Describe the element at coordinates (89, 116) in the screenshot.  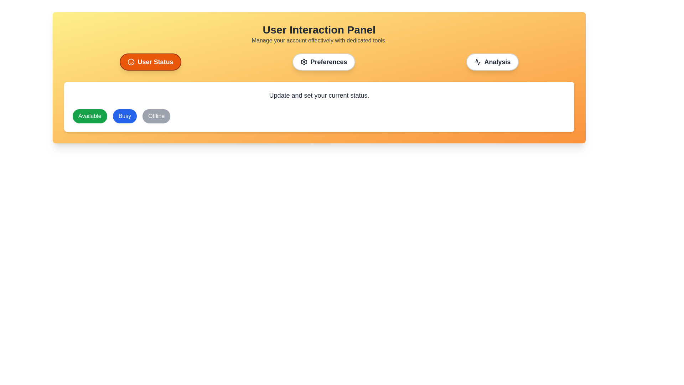
I see `the user status to Available by clicking the corresponding button` at that location.